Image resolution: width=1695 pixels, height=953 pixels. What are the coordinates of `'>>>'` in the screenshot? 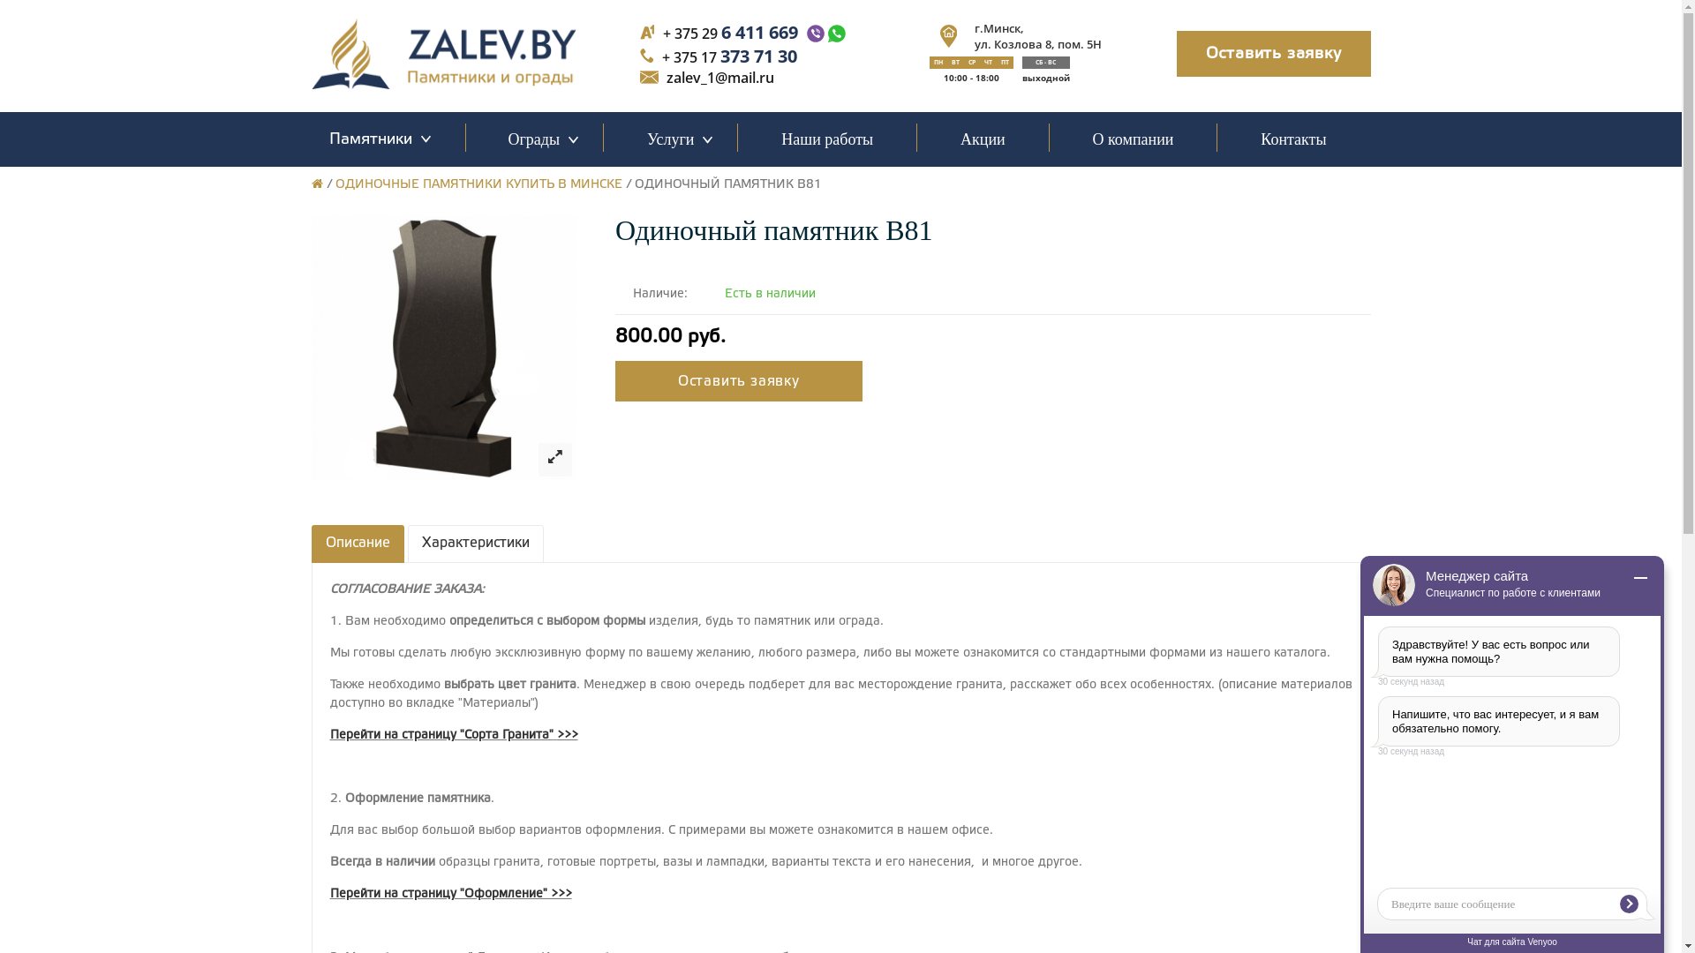 It's located at (567, 735).